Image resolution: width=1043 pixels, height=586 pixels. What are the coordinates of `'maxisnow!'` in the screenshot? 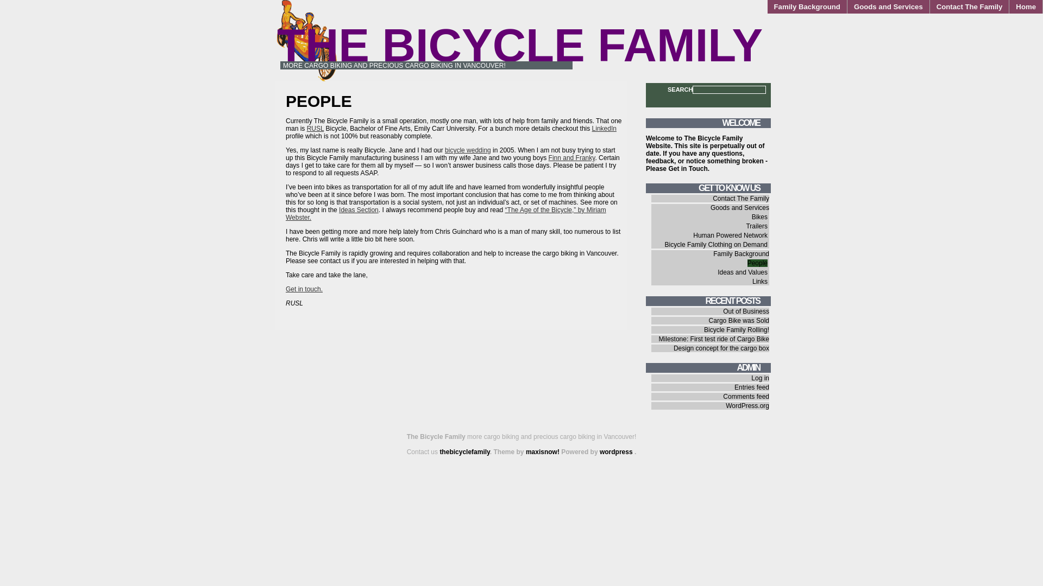 It's located at (542, 452).